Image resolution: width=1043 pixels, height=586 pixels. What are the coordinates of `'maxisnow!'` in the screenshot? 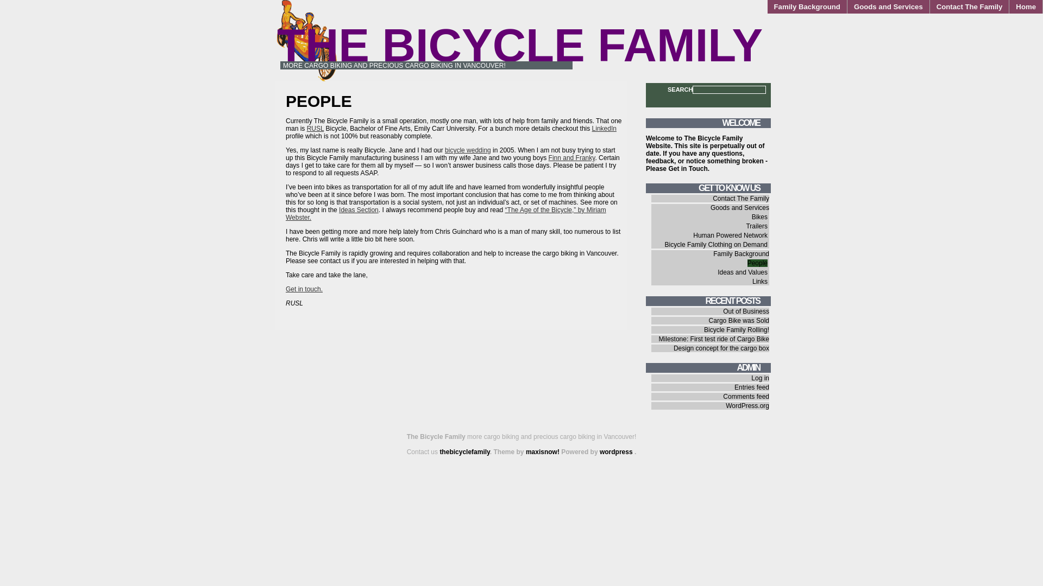 It's located at (542, 452).